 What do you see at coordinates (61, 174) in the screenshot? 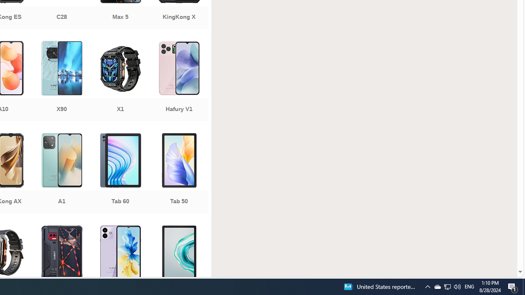
I see `'A1'` at bounding box center [61, 174].